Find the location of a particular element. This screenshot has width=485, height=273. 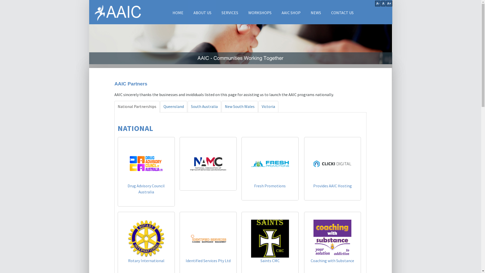

'A' is located at coordinates (383, 4).